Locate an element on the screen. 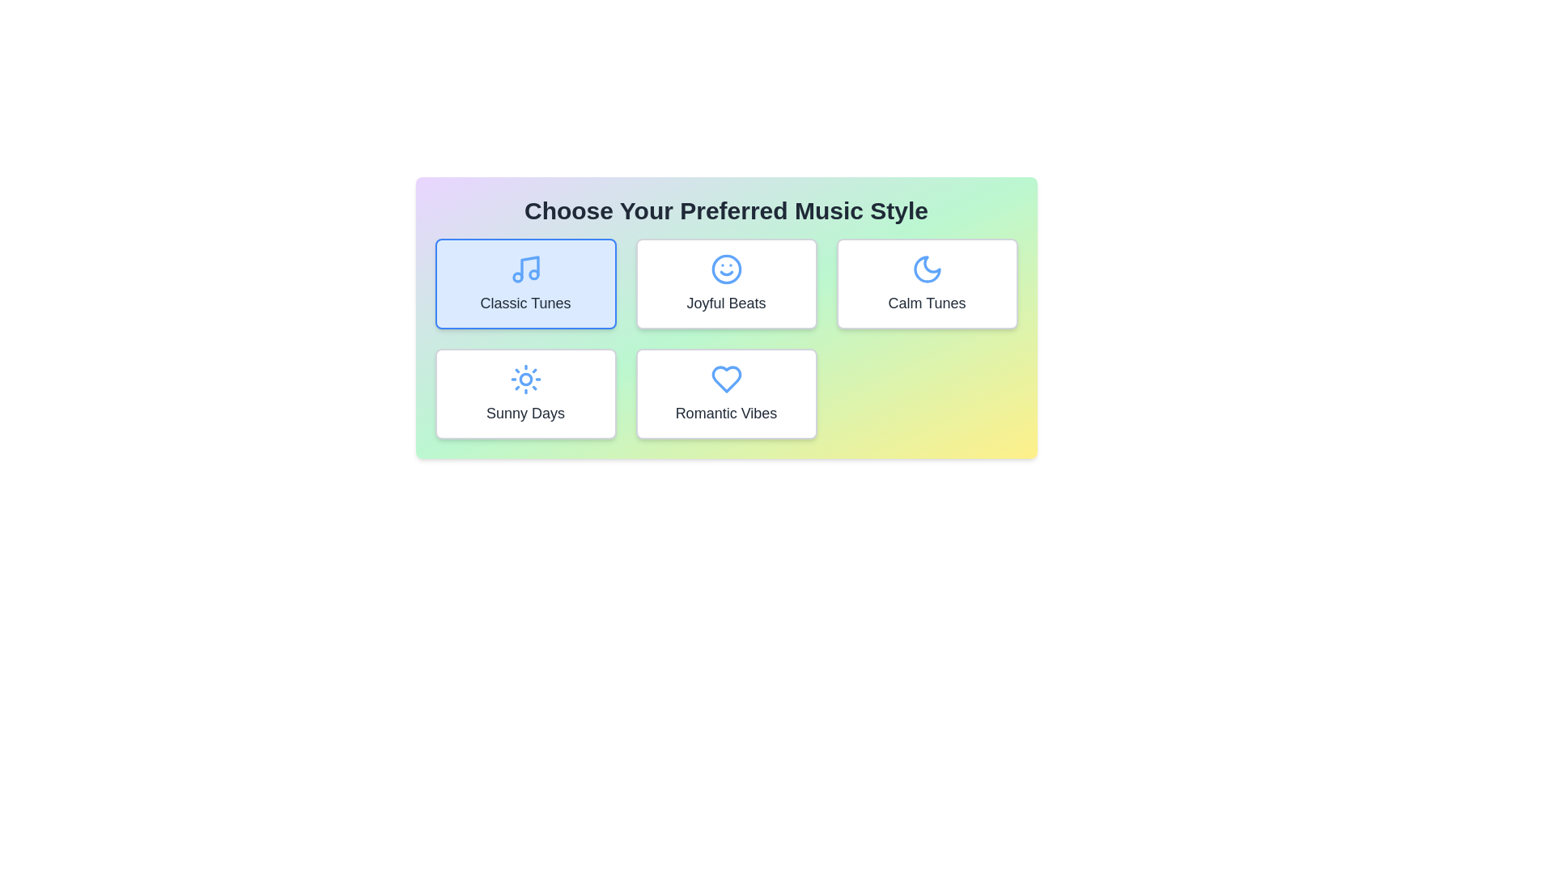 Image resolution: width=1554 pixels, height=874 pixels. the SVG circle element that is part of the smiling face icon in the 'Joyful Beats' section, which is the middle card in the top row of the card grid is located at coordinates (725, 268).